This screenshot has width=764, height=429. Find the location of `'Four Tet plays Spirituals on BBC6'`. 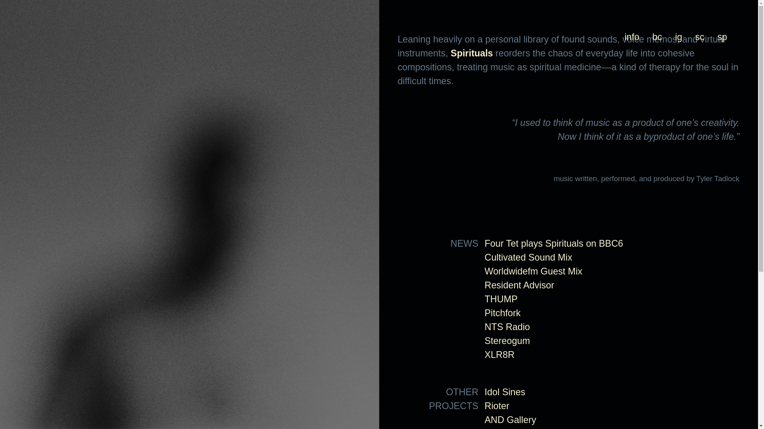

'Four Tet plays Spirituals on BBC6' is located at coordinates (554, 243).